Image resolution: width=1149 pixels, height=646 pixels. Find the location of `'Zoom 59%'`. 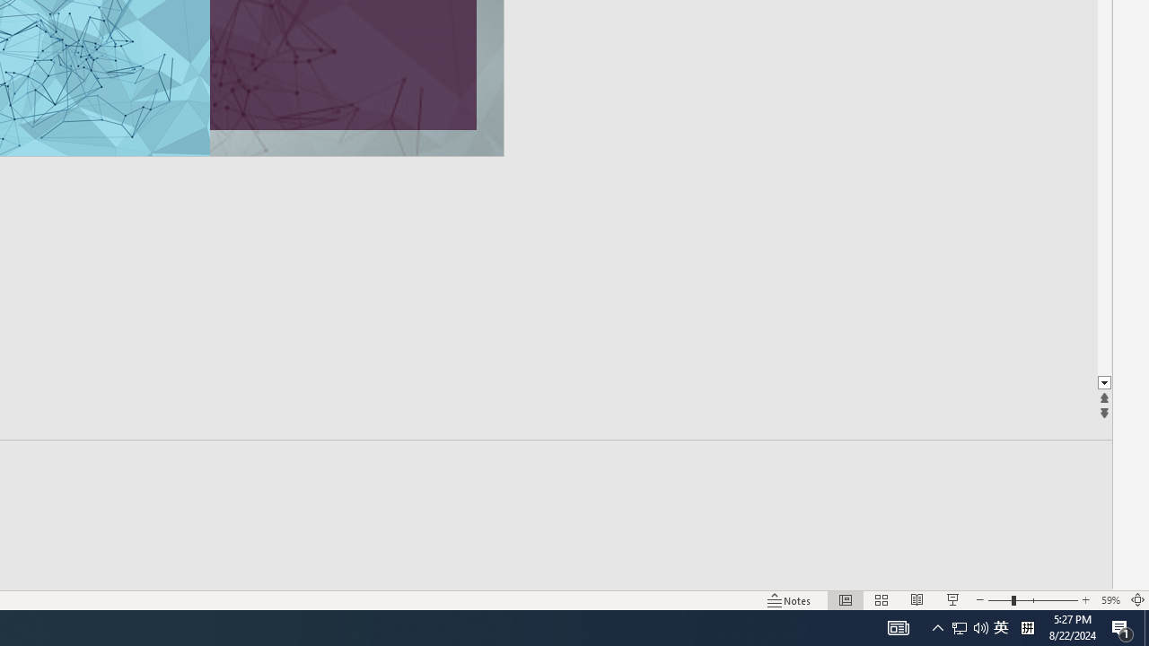

'Zoom 59%' is located at coordinates (1110, 600).